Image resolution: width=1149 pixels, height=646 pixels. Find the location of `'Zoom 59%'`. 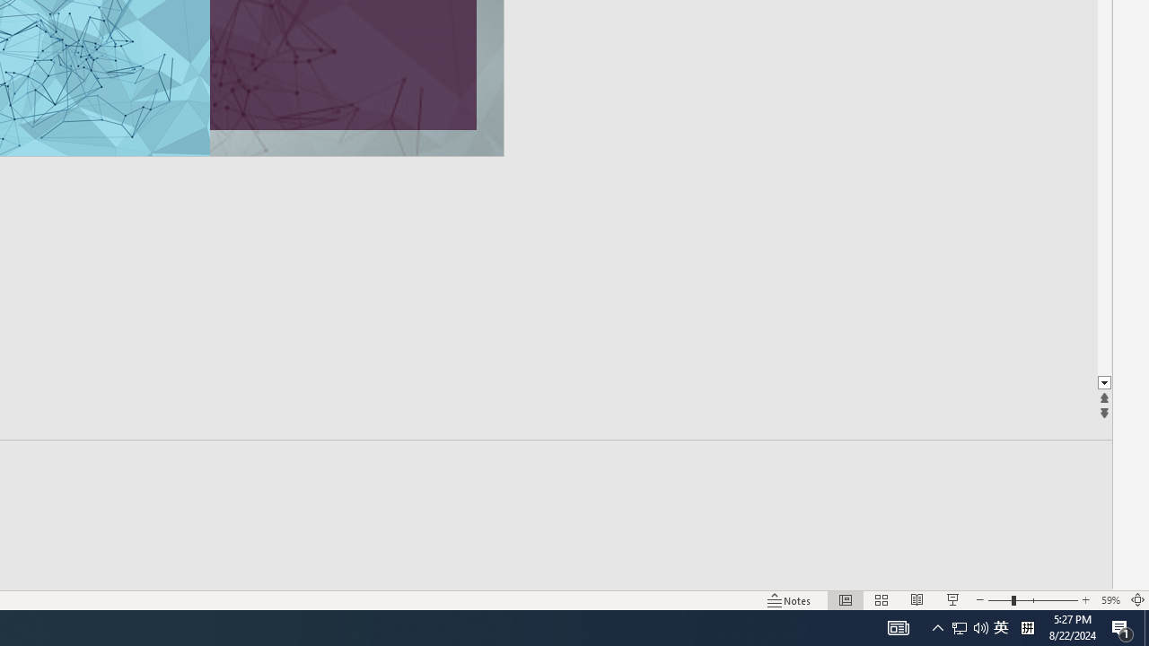

'Zoom 59%' is located at coordinates (1110, 600).